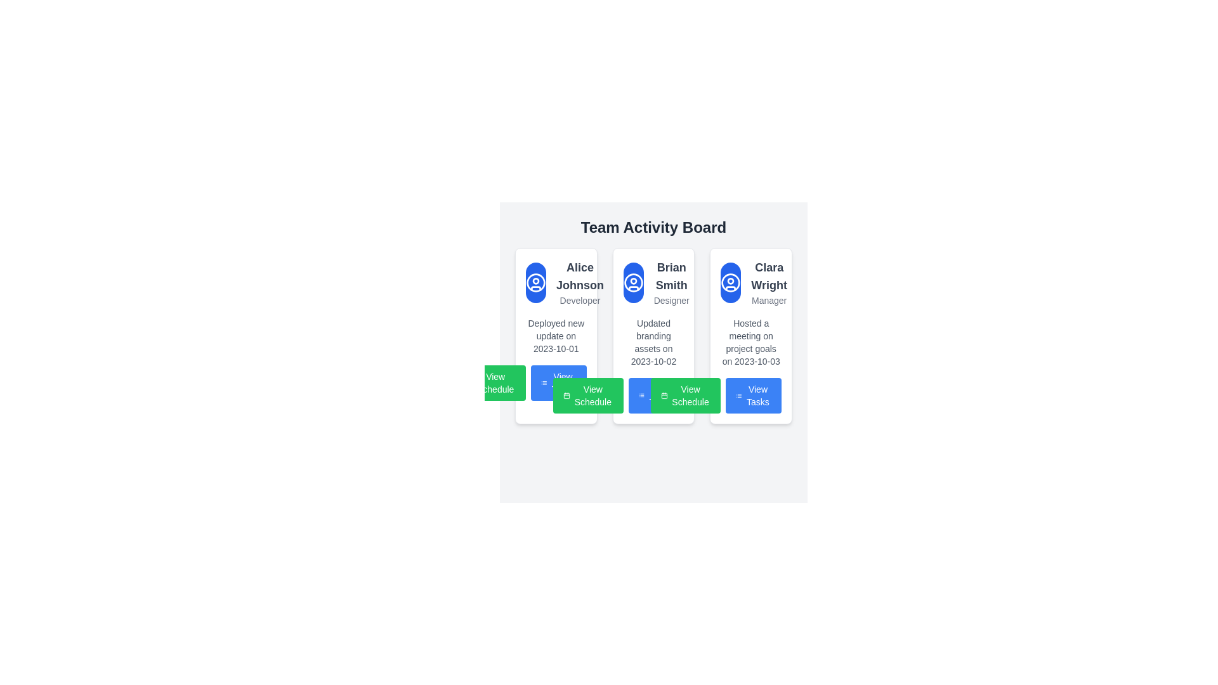 The width and height of the screenshot is (1218, 685). I want to click on the decorative user profile icon representing Clara Wright, located in the top section of the third card on the right side of the interface, so click(731, 282).